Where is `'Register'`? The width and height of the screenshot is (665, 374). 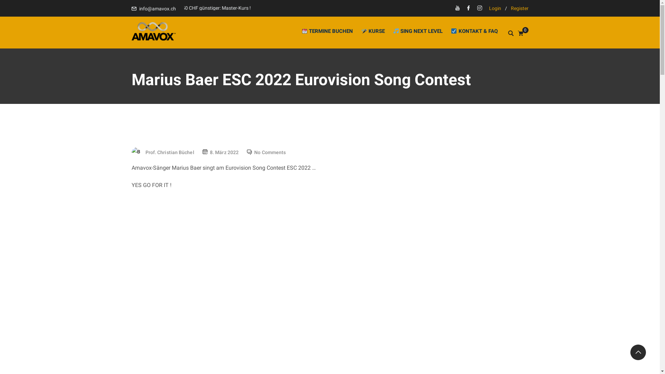 'Register' is located at coordinates (519, 8).